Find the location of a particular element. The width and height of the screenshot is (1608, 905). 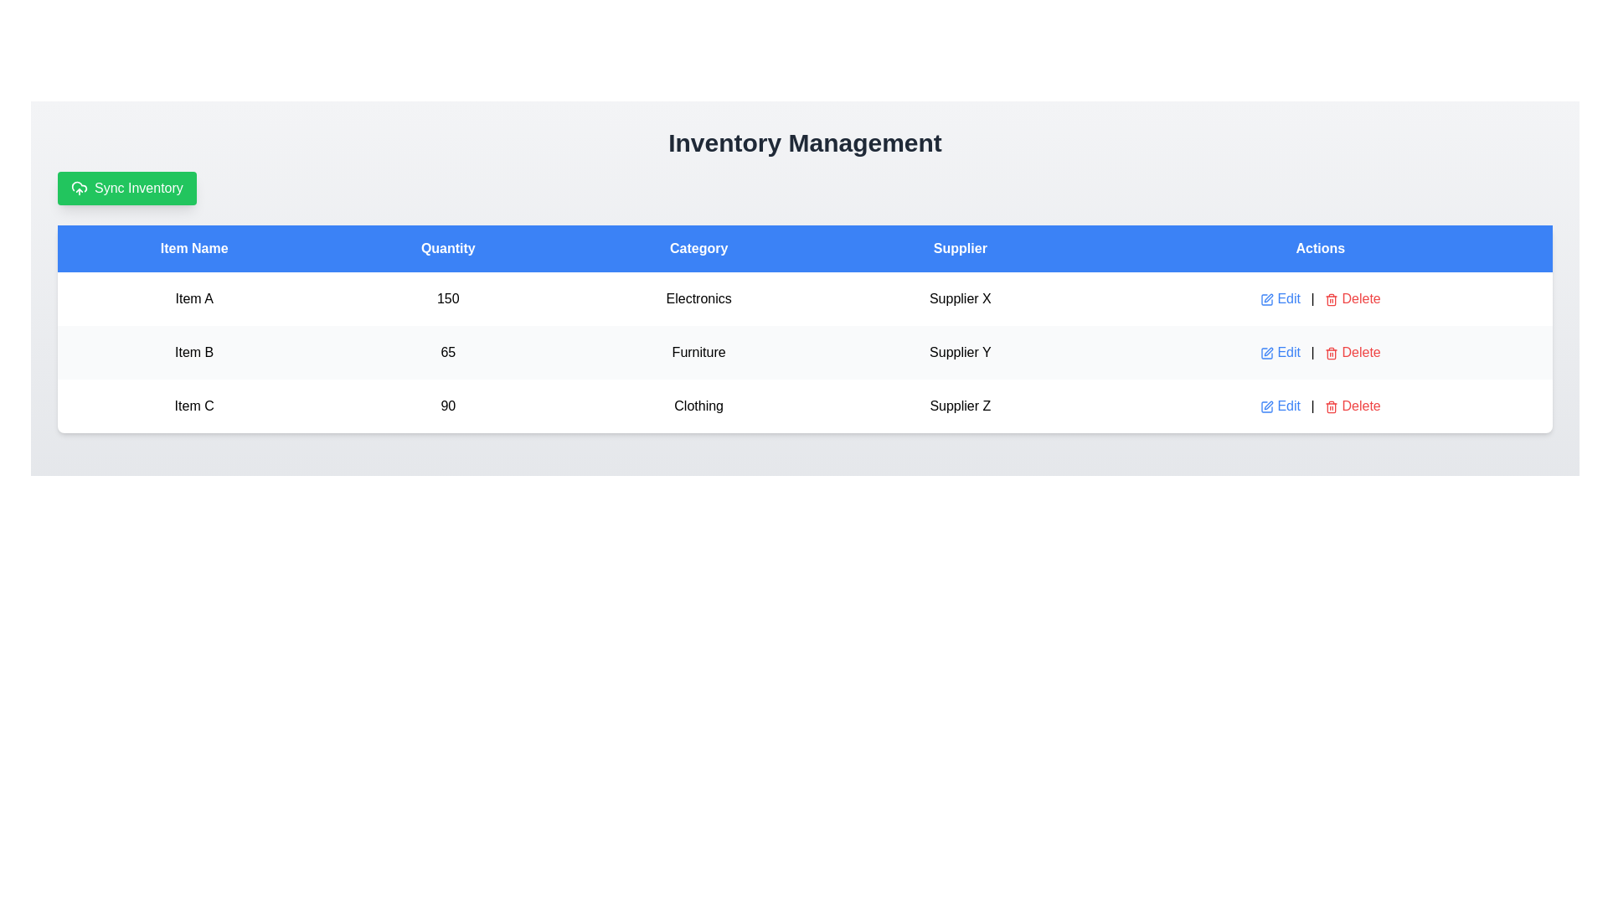

the small blue outline square icon with a pen overlay, located in the 'Actions' column of the first row in the table, adjacent to the 'Edit' text link is located at coordinates (1266, 298).